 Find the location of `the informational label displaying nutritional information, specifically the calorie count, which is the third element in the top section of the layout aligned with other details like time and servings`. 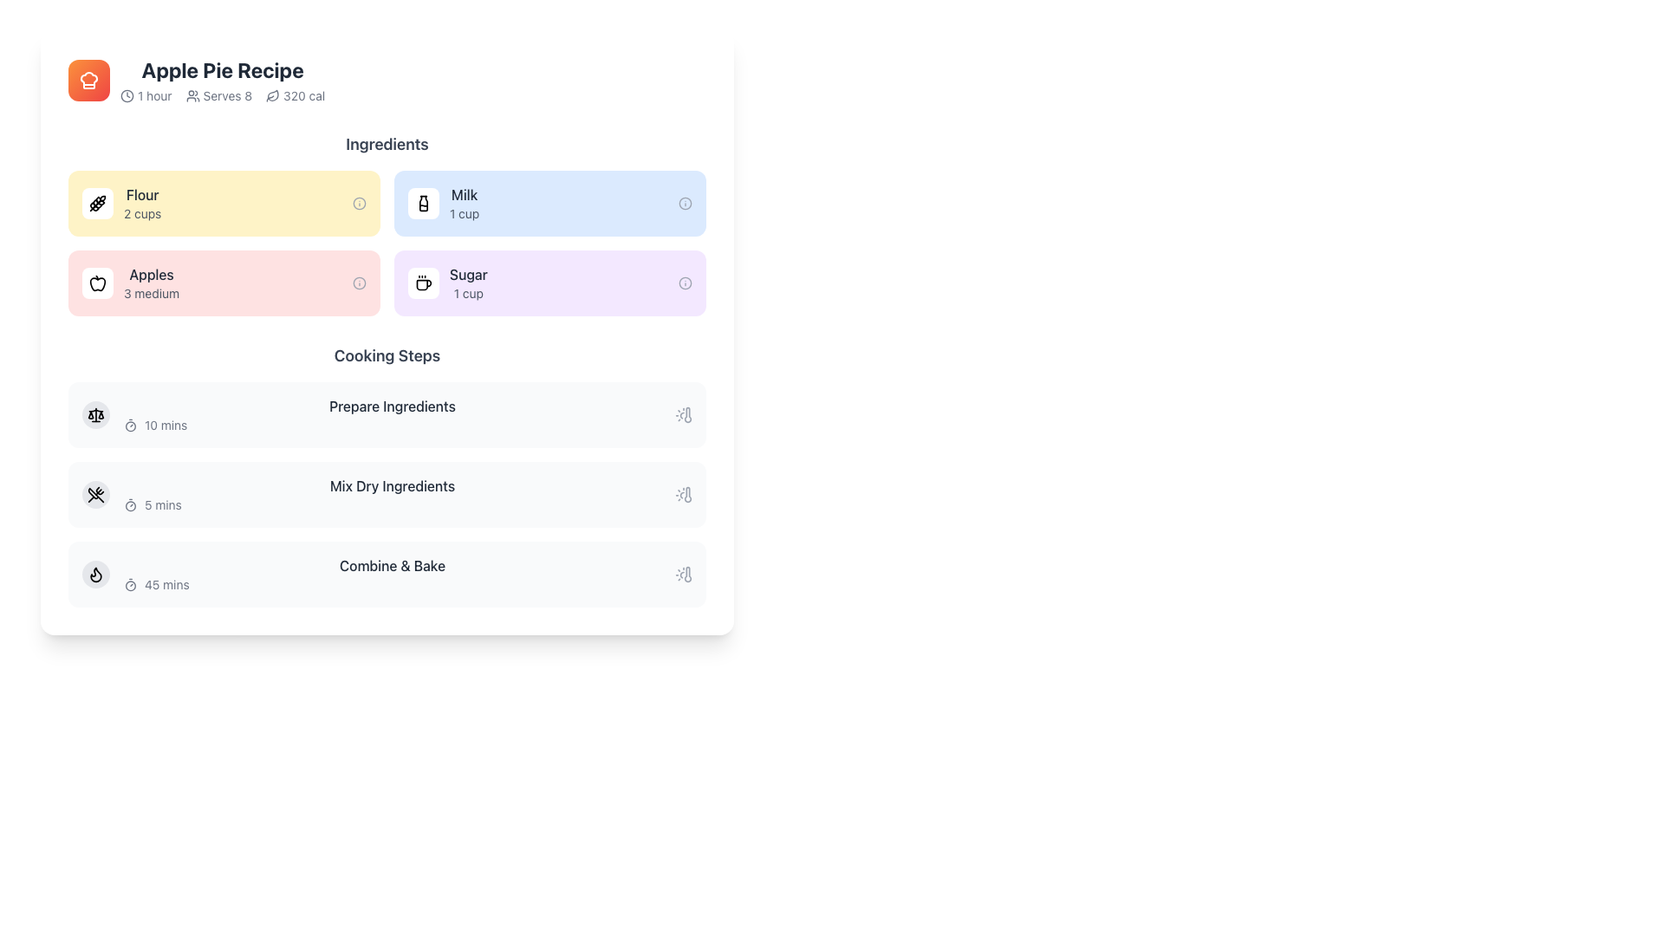

the informational label displaying nutritional information, specifically the calorie count, which is the third element in the top section of the layout aligned with other details like time and servings is located at coordinates (296, 96).